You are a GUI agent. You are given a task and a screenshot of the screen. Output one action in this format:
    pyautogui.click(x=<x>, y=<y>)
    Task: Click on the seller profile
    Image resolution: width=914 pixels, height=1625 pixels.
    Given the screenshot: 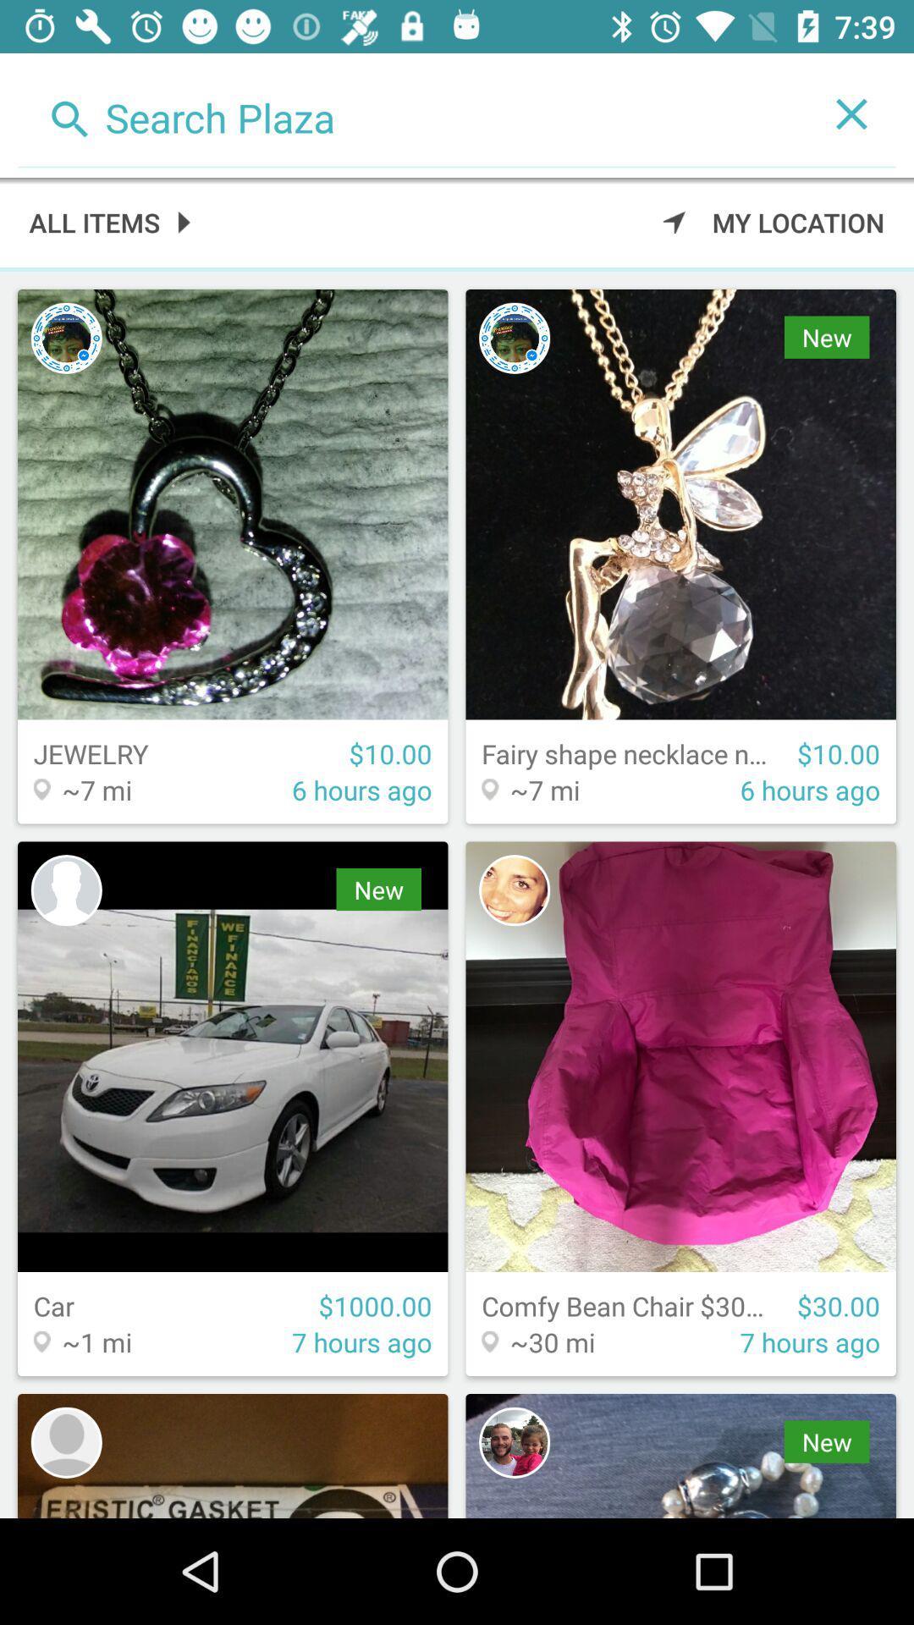 What is the action you would take?
    pyautogui.click(x=65, y=1441)
    